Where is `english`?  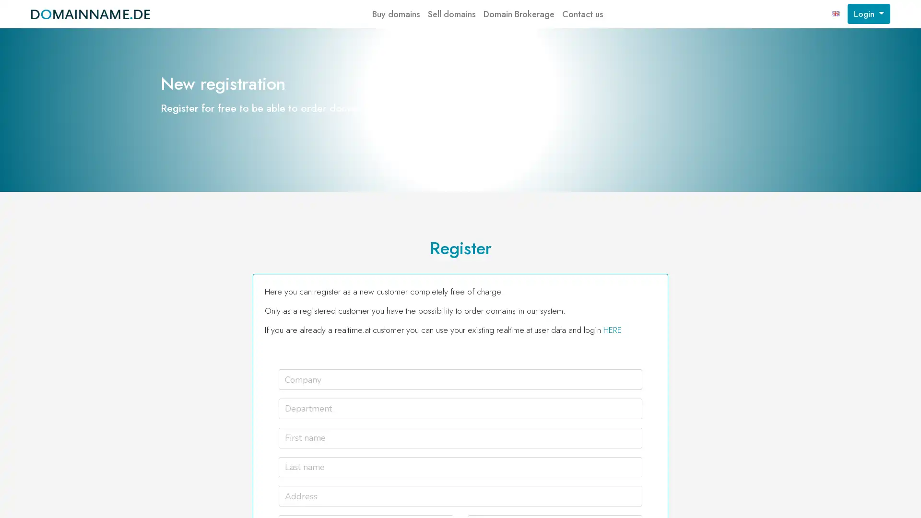 english is located at coordinates (835, 14).